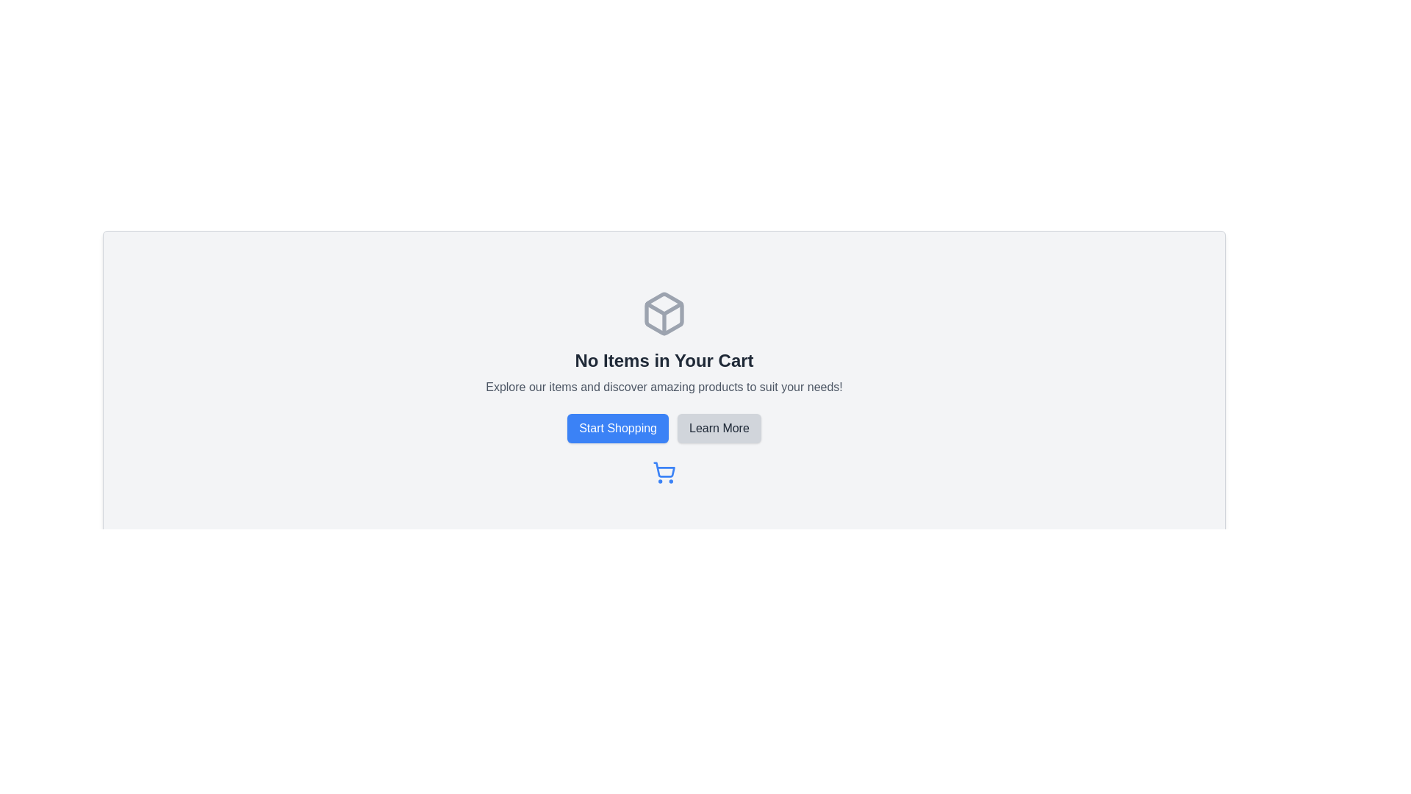  Describe the element at coordinates (663, 473) in the screenshot. I see `the blue shopping cart icon, which has a defined cart shape and two circular wheels, located below the 'Start Shopping' and 'Learn More' buttons` at that location.